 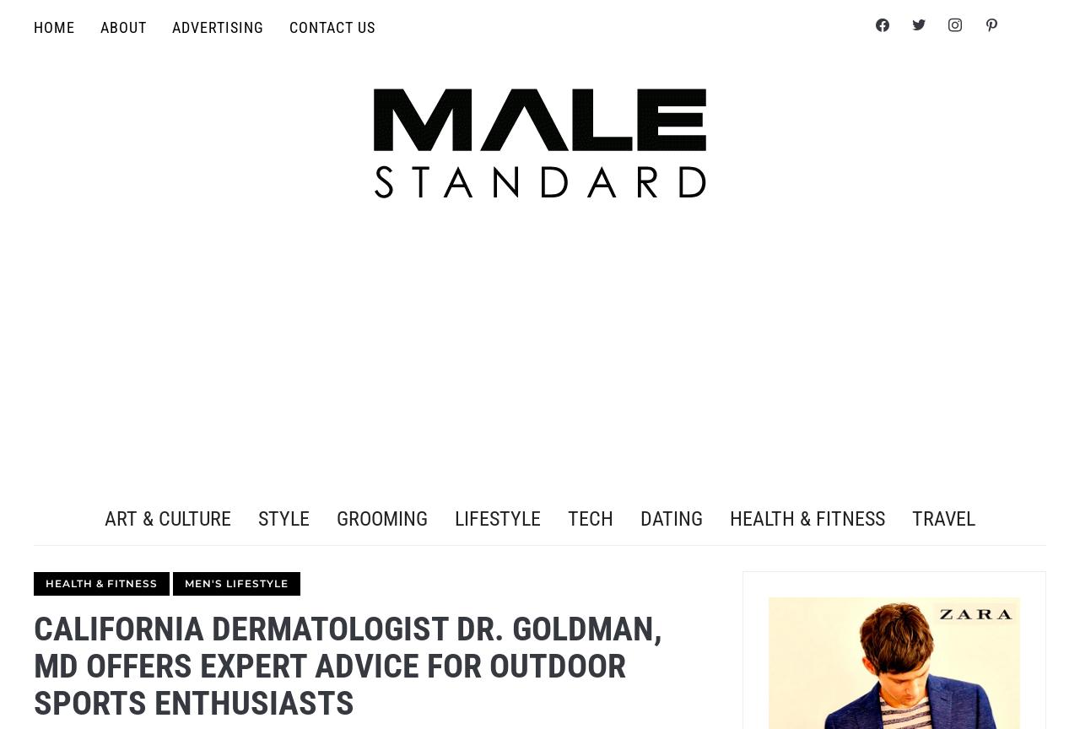 What do you see at coordinates (591, 517) in the screenshot?
I see `'Tech'` at bounding box center [591, 517].